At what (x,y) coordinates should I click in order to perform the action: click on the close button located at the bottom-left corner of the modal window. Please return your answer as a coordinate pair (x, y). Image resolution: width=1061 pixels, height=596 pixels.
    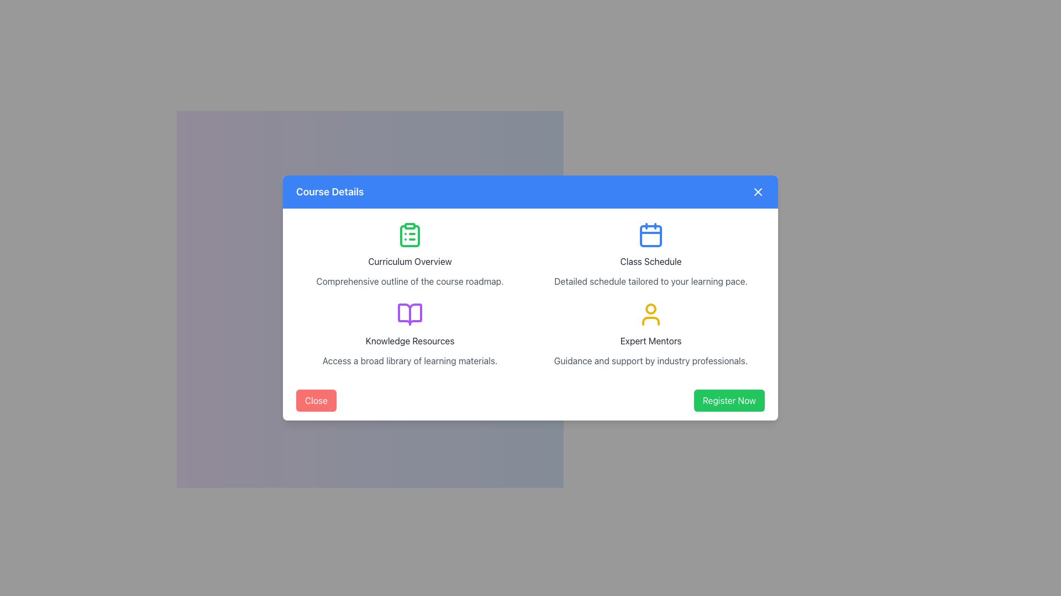
    Looking at the image, I should click on (315, 400).